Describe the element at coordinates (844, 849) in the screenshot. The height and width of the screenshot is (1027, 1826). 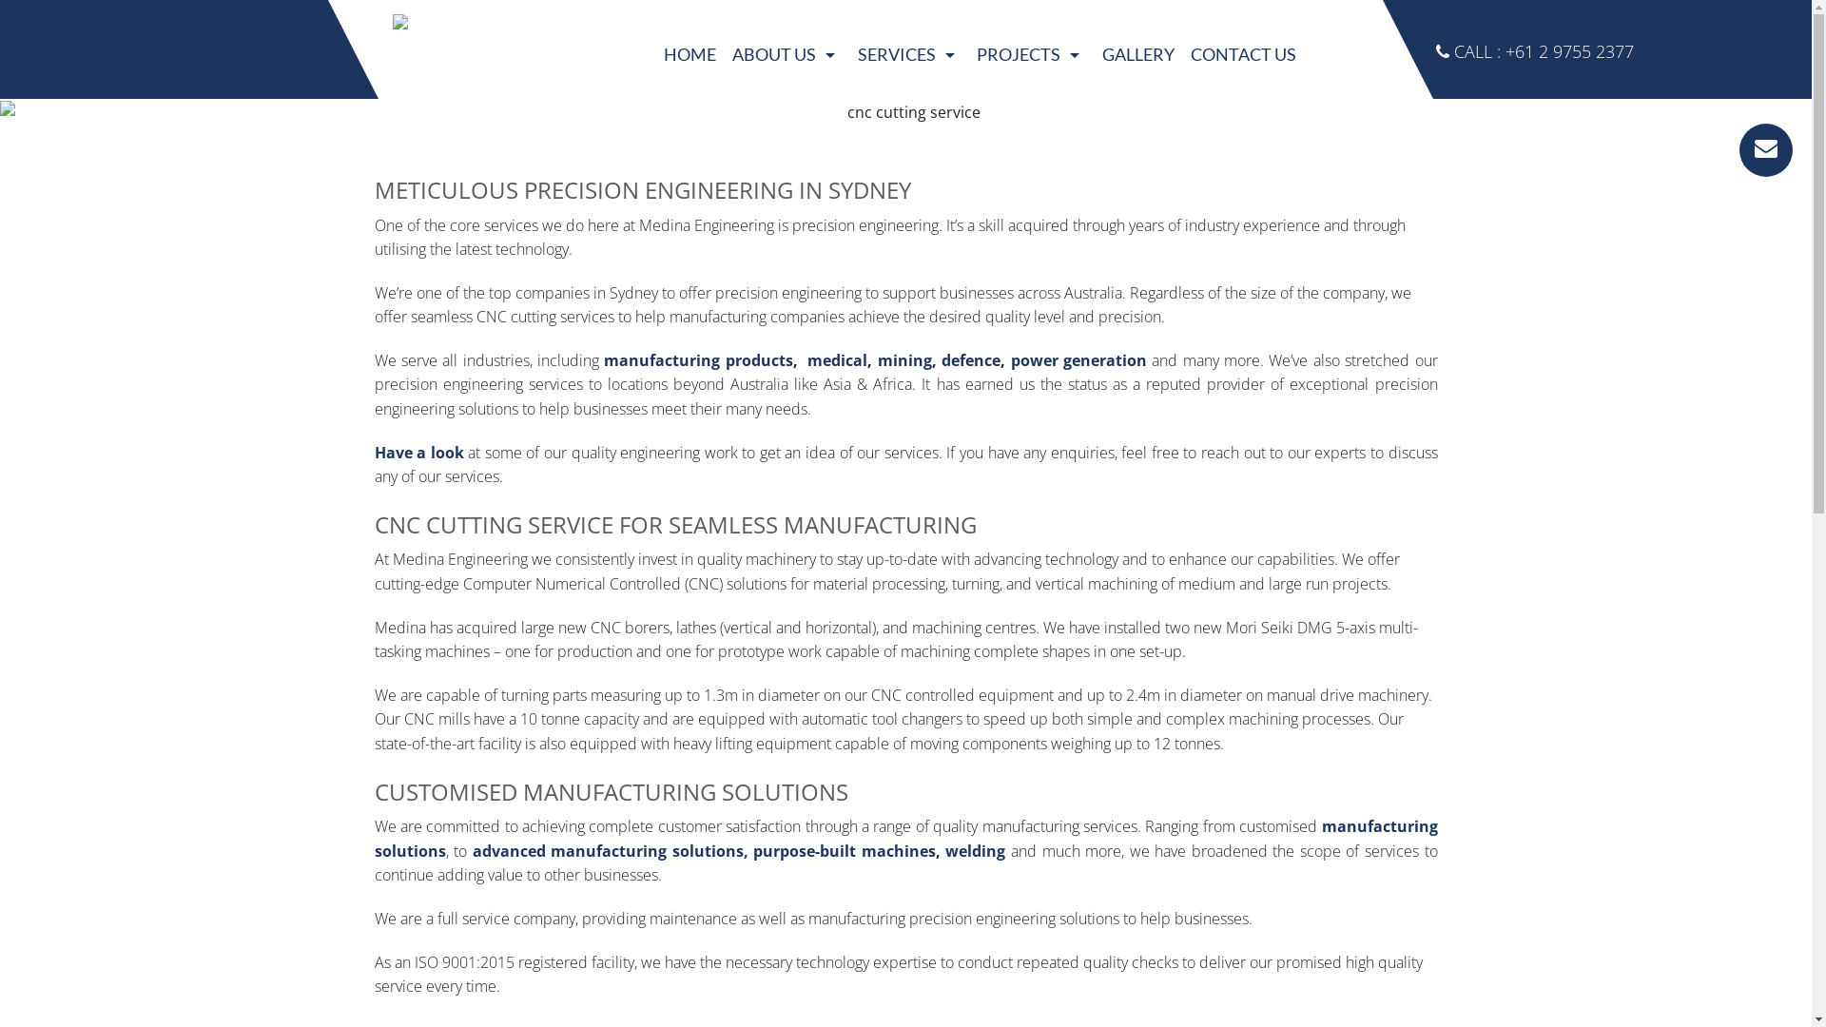
I see `'purpose-built machines'` at that location.